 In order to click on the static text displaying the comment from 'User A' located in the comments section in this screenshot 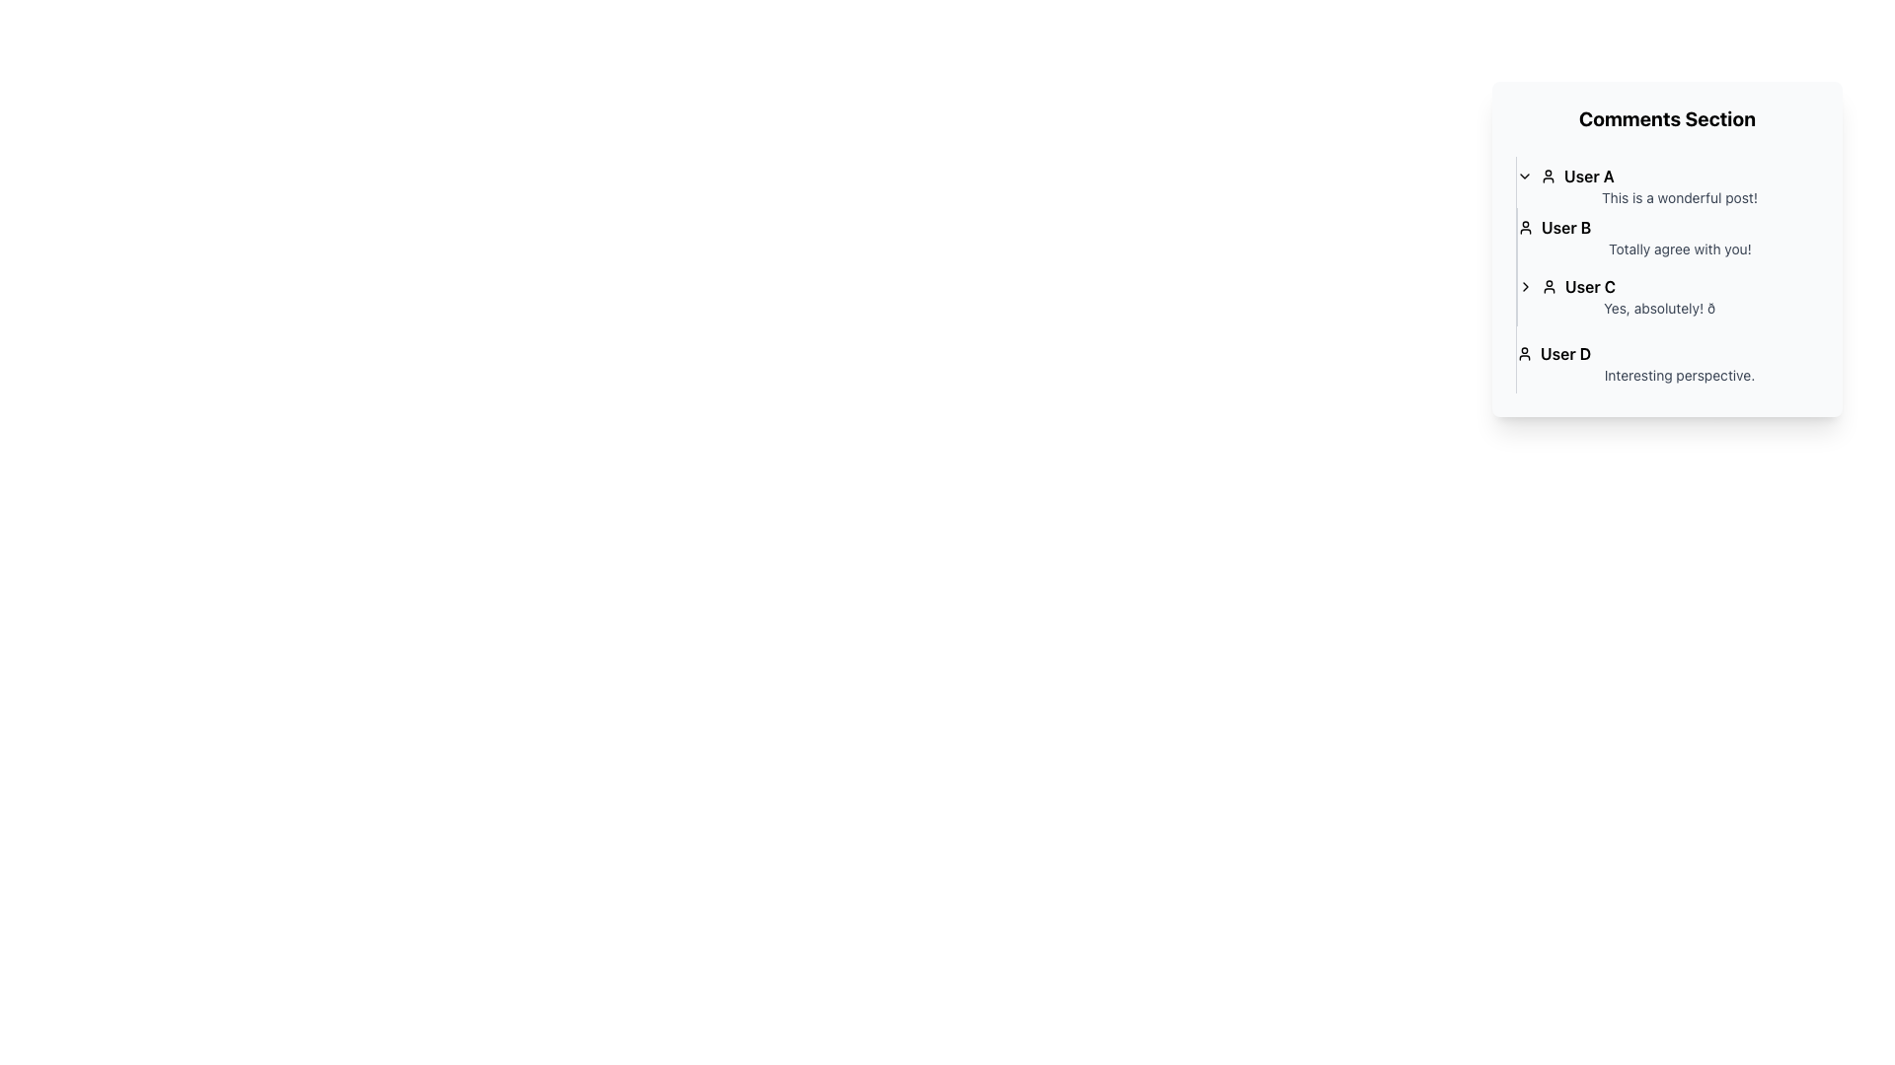, I will do `click(1666, 197)`.